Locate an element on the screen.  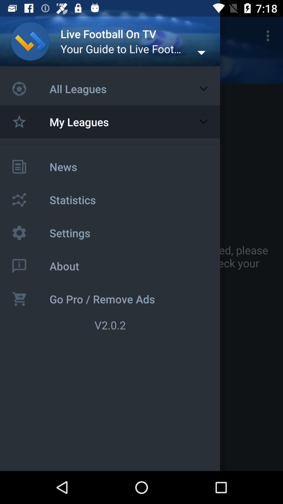
item next to the live football on is located at coordinates (269, 35).